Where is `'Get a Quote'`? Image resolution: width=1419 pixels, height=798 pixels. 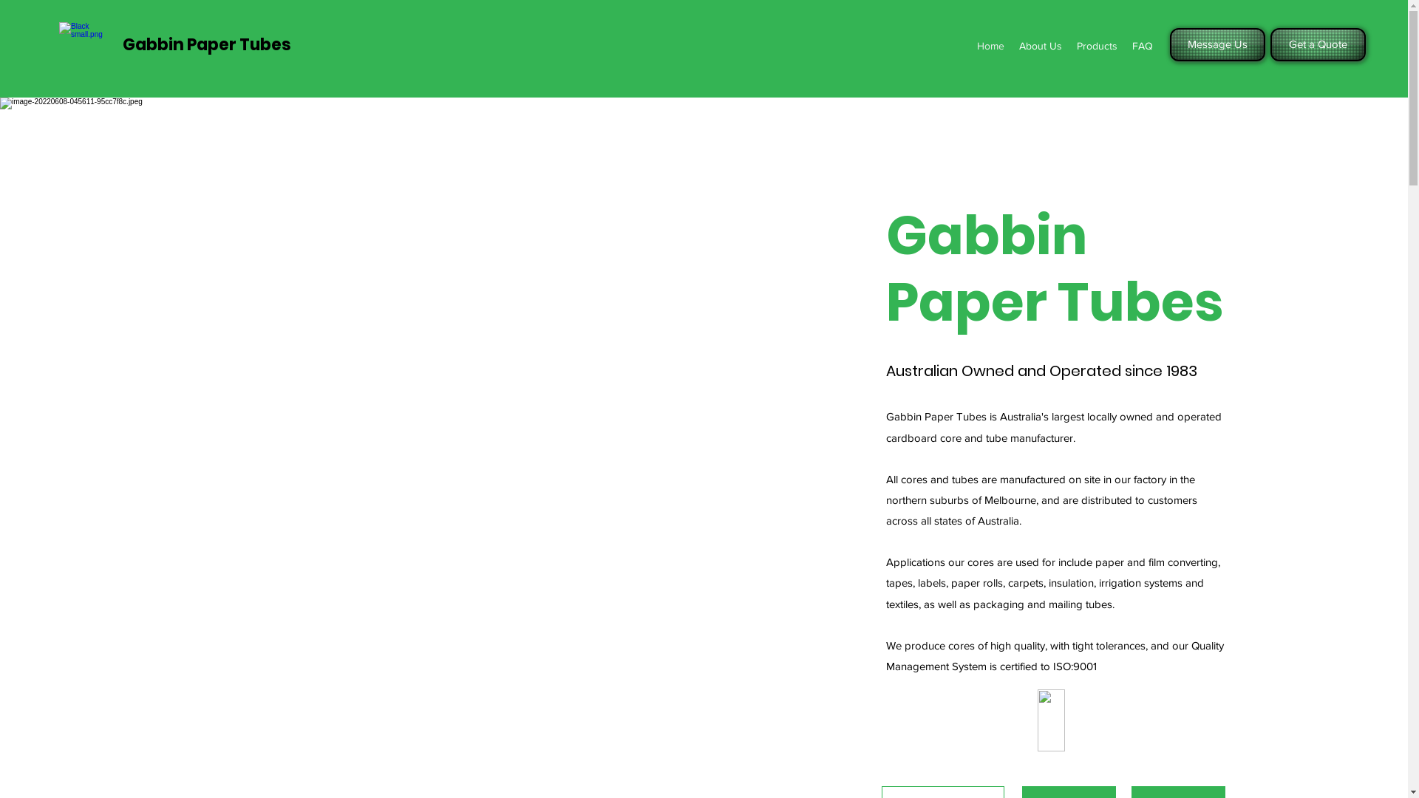
'Get a Quote' is located at coordinates (1269, 44).